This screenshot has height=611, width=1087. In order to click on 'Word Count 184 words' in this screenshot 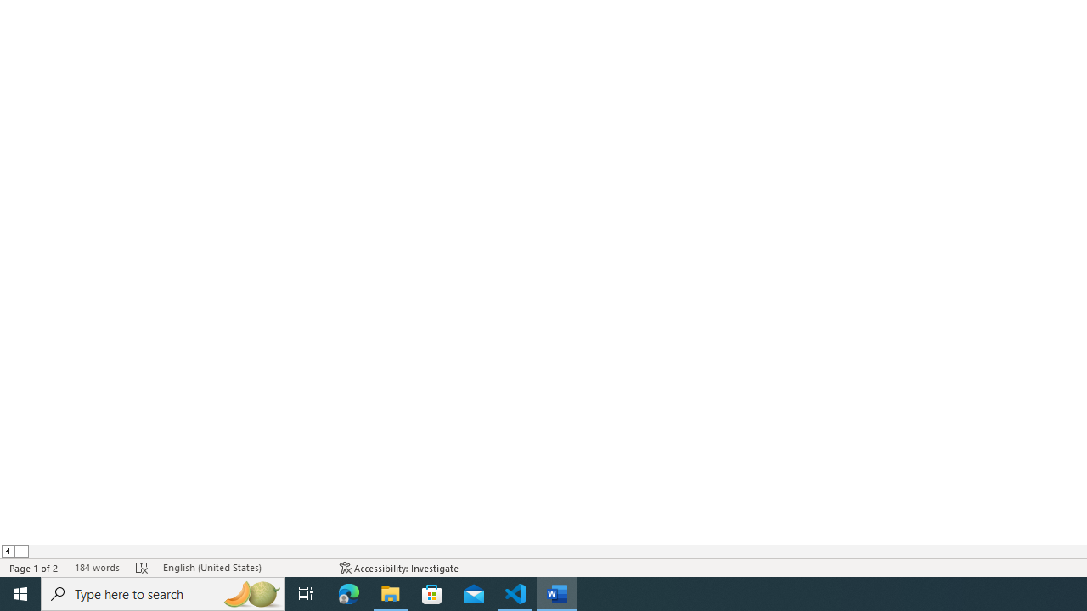, I will do `click(95, 568)`.